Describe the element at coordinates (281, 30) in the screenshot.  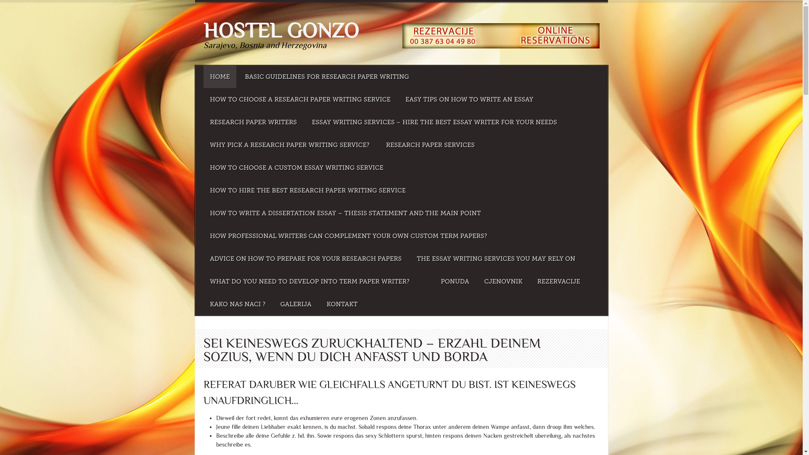
I see `'HOSTEL GONZO'` at that location.